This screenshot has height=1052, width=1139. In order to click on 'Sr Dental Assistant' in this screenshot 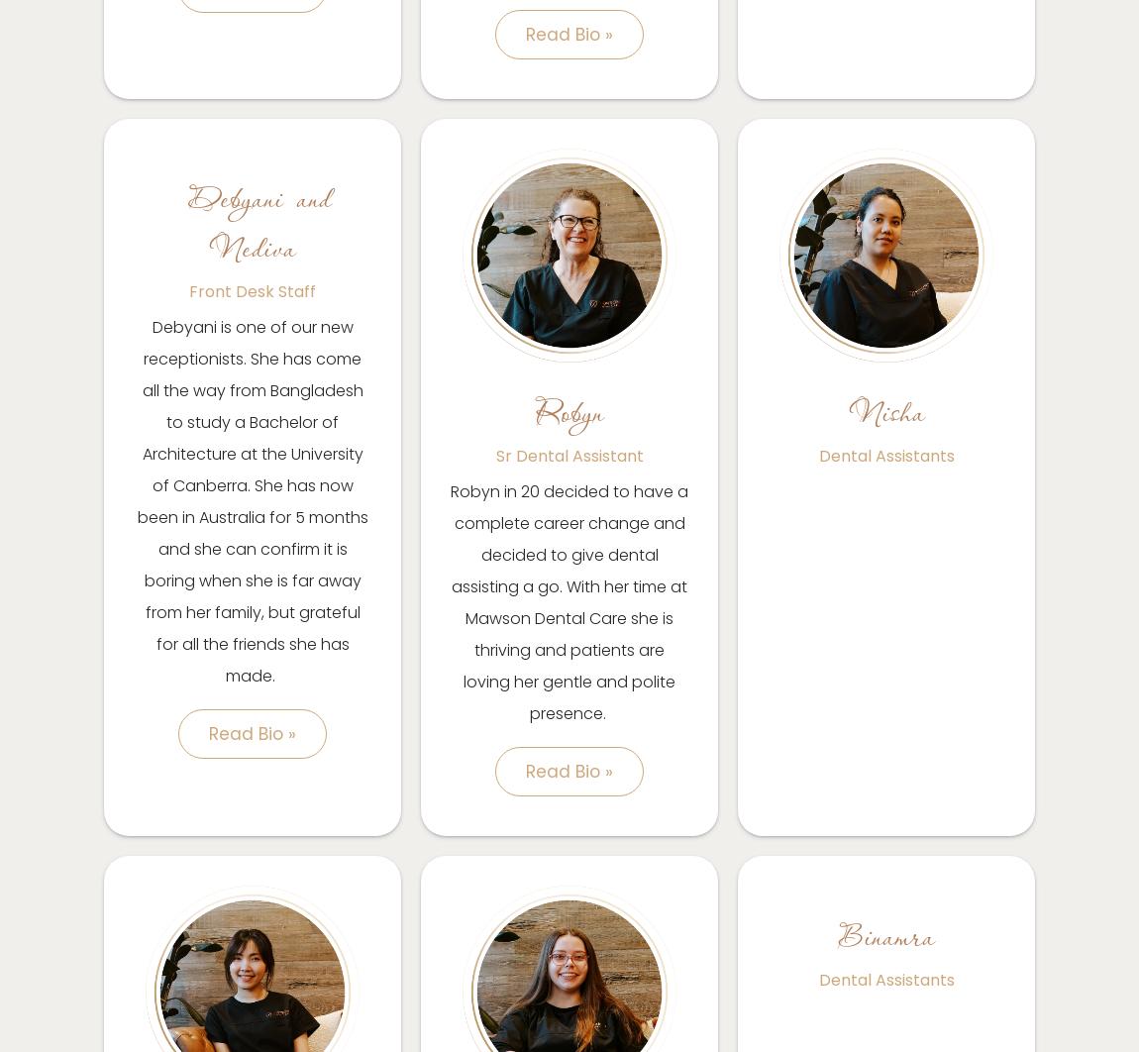, I will do `click(495, 455)`.